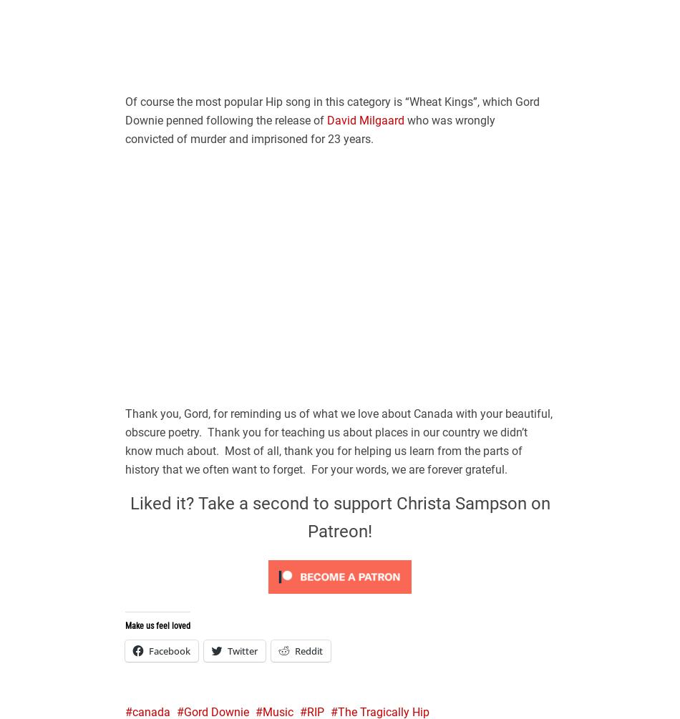 This screenshot has width=680, height=719. What do you see at coordinates (157, 625) in the screenshot?
I see `'Make us feel loved'` at bounding box center [157, 625].